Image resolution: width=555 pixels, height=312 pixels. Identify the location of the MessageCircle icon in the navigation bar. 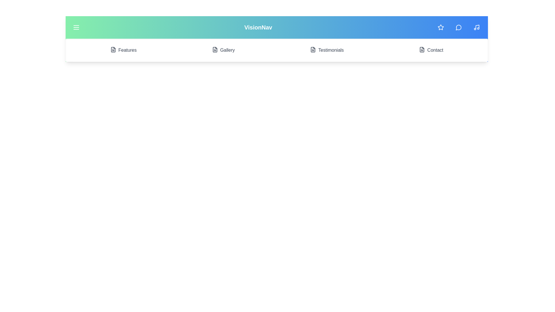
(458, 27).